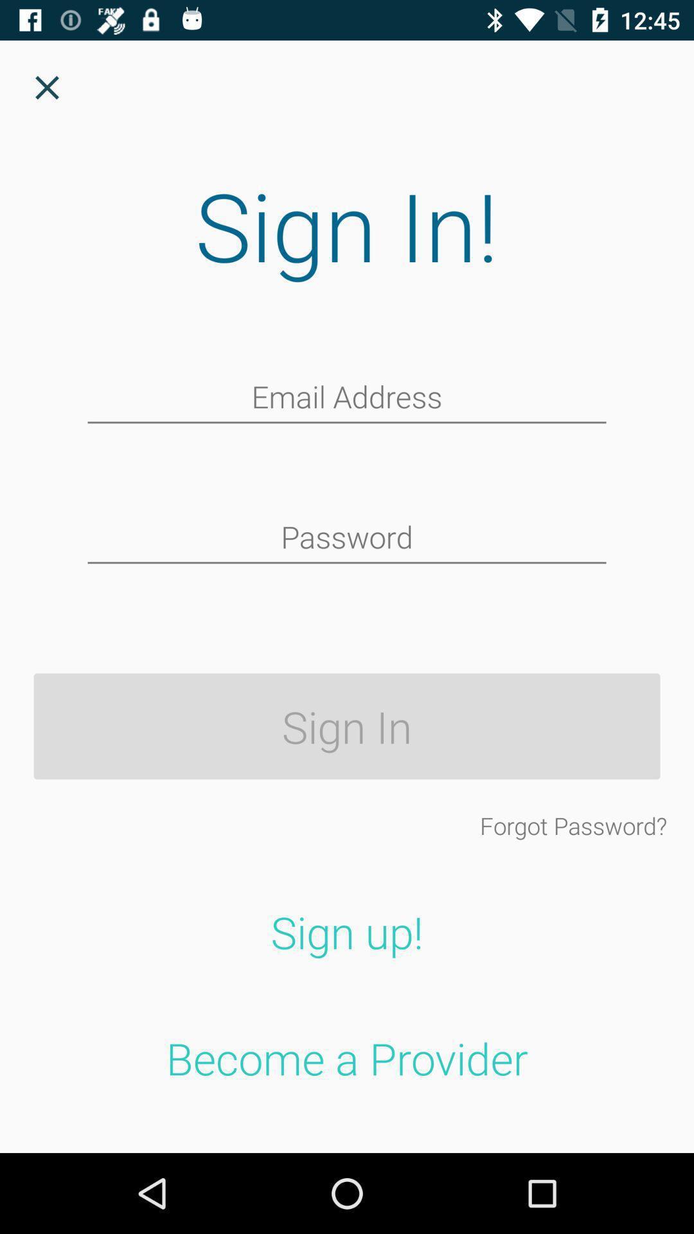  Describe the element at coordinates (347, 539) in the screenshot. I see `type password` at that location.